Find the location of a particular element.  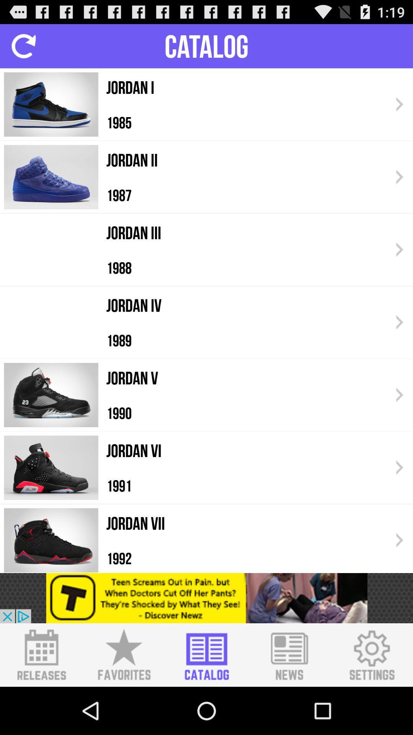

refresh catalog is located at coordinates (23, 46).